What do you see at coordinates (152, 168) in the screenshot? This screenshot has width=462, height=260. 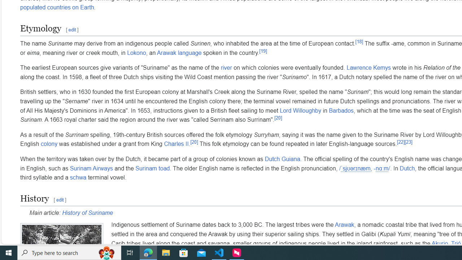 I see `'Surinam toad'` at bounding box center [152, 168].